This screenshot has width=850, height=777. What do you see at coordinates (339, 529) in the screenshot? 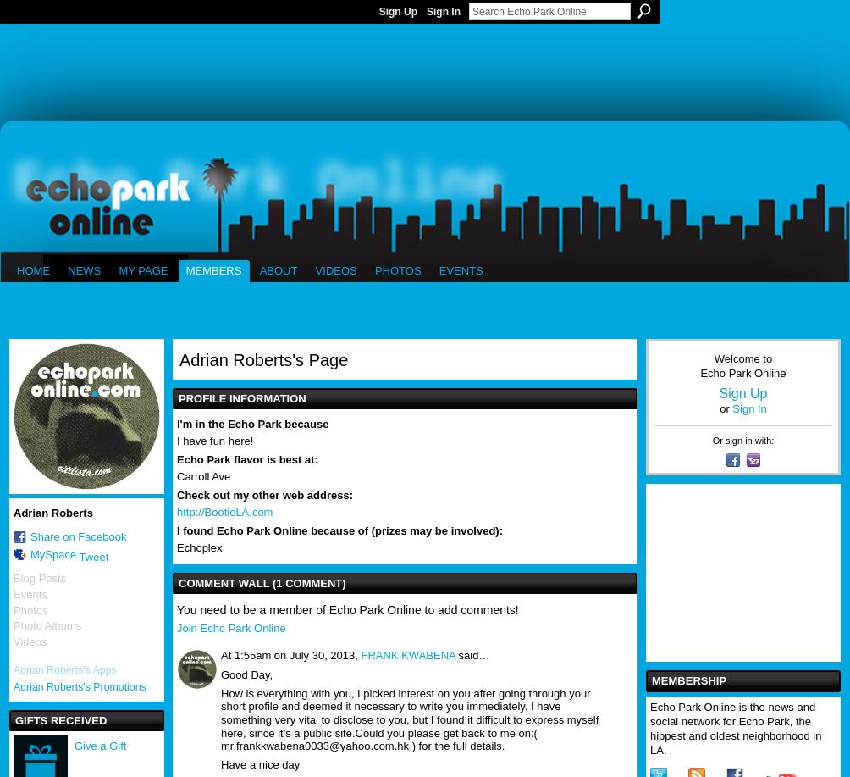
I see `'I found Echo Park Online because of (prizes may be involved):'` at bounding box center [339, 529].